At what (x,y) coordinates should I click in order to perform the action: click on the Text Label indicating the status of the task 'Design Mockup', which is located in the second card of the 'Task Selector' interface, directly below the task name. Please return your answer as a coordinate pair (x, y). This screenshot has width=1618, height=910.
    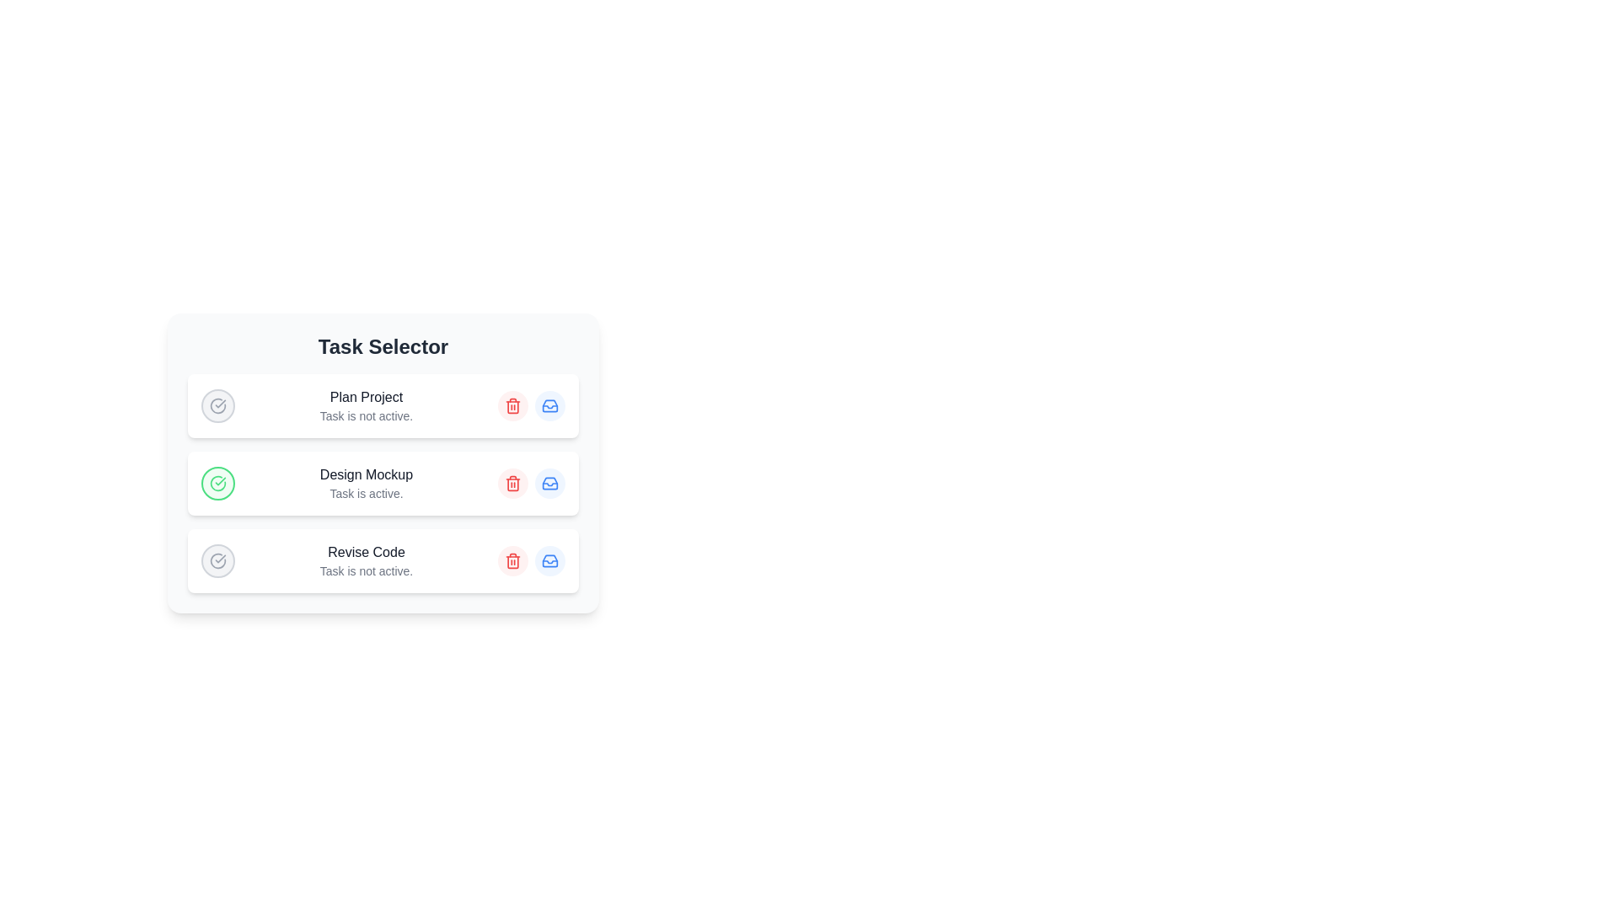
    Looking at the image, I should click on (366, 493).